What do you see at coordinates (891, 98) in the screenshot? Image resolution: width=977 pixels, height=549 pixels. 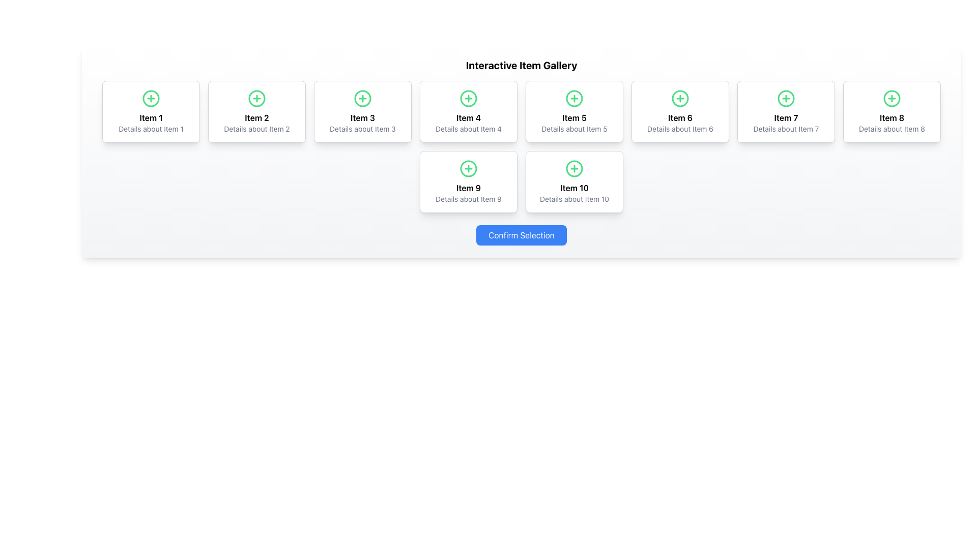 I see `the button located at the top area of the card labeled 'Item 8', which is centrally aligned above the text content` at bounding box center [891, 98].